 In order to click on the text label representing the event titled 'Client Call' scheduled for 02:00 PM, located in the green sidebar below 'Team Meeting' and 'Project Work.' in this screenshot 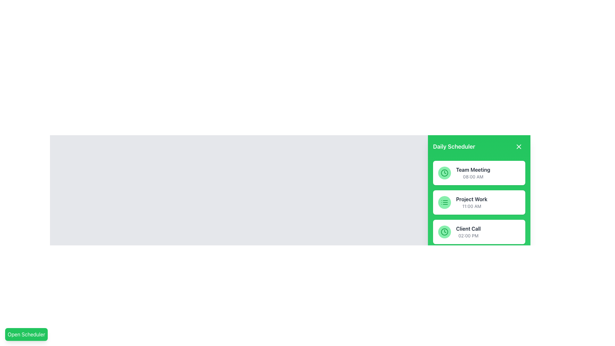, I will do `click(468, 232)`.